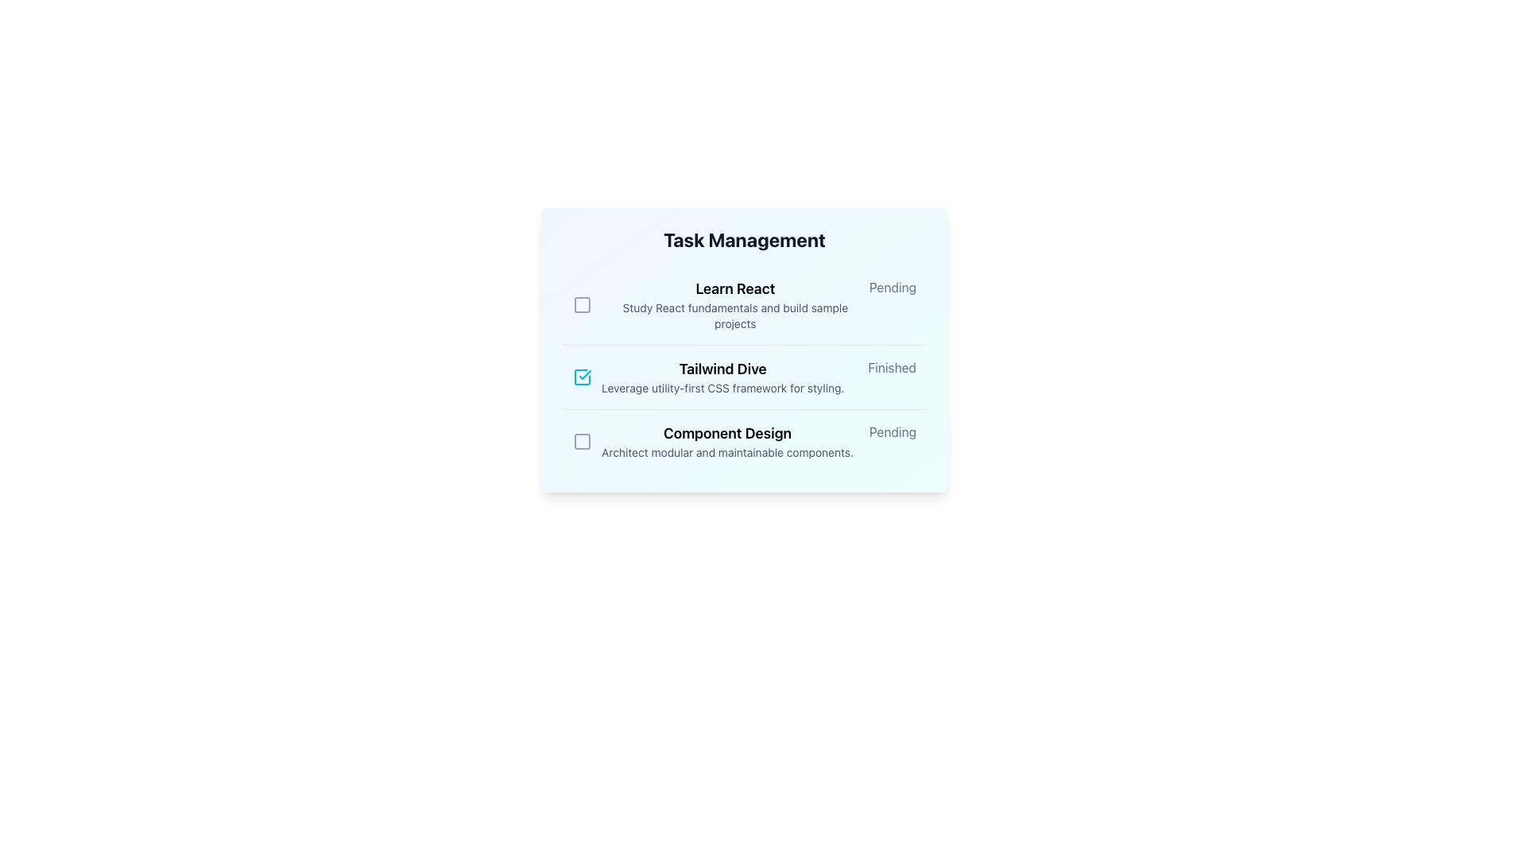  Describe the element at coordinates (722, 369) in the screenshot. I see `the 'Tailwind Dive' text in bold font style located in the second row of the task management section for navigation or detailed view` at that location.